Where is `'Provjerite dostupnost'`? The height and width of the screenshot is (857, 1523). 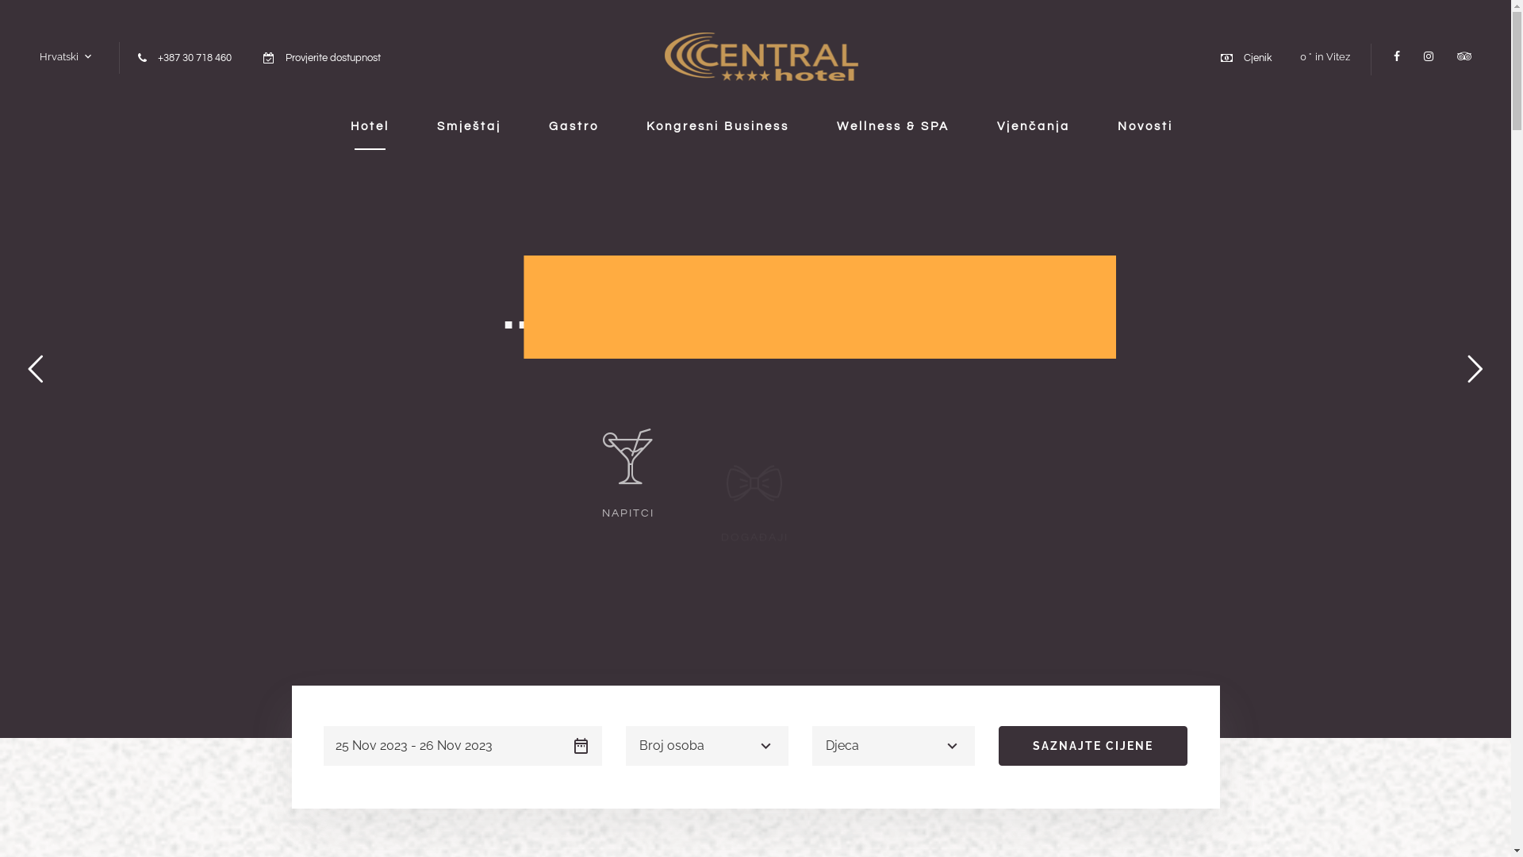
'Provjerite dostupnost' is located at coordinates (332, 57).